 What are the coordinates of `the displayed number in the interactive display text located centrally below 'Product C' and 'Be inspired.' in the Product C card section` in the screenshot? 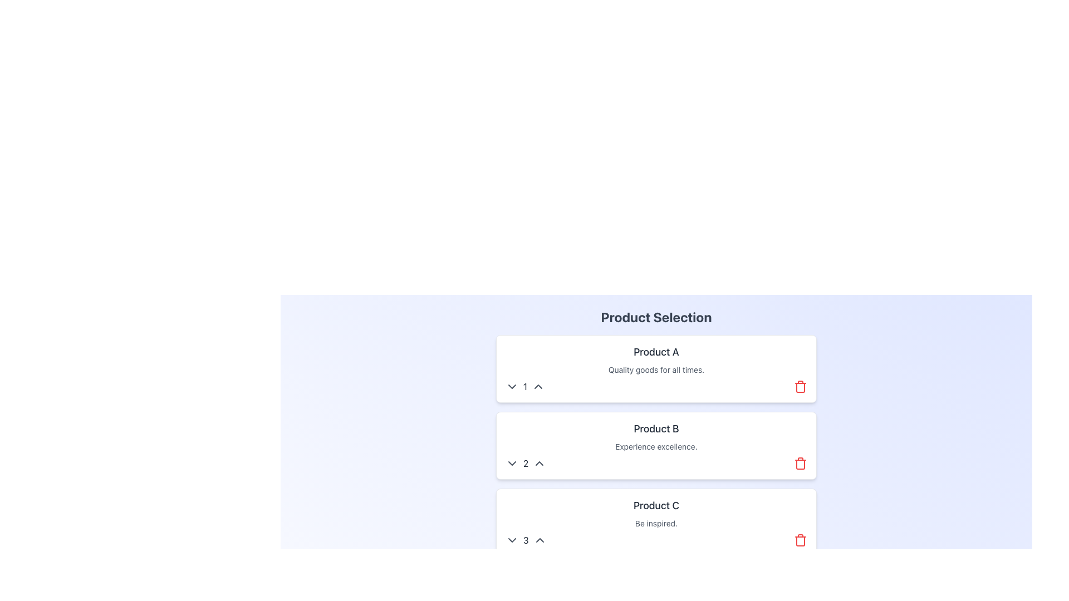 It's located at (525, 540).